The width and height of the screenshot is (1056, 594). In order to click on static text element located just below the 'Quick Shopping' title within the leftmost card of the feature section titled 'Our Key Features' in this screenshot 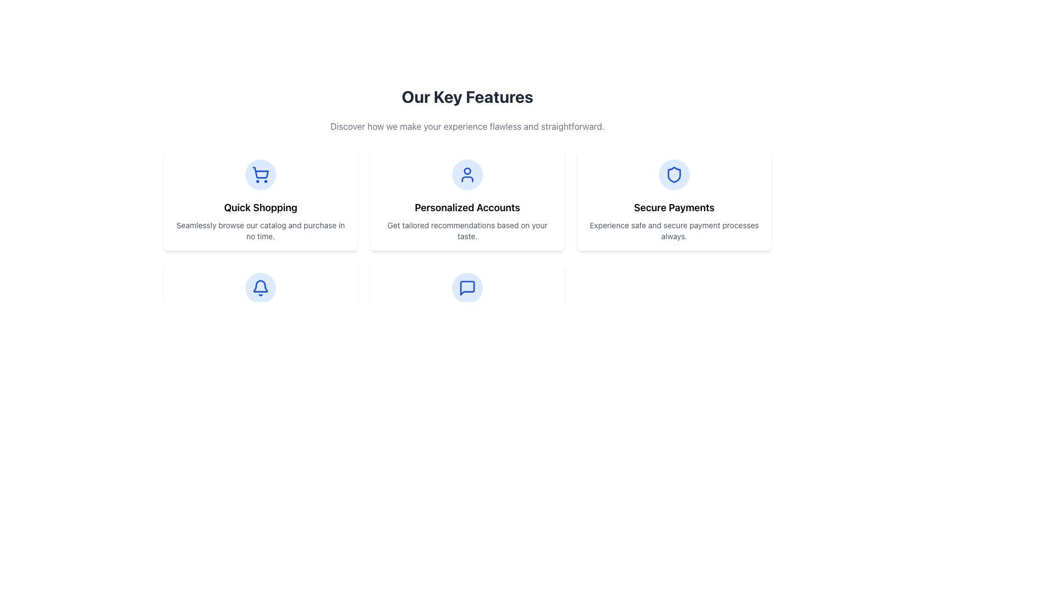, I will do `click(260, 230)`.